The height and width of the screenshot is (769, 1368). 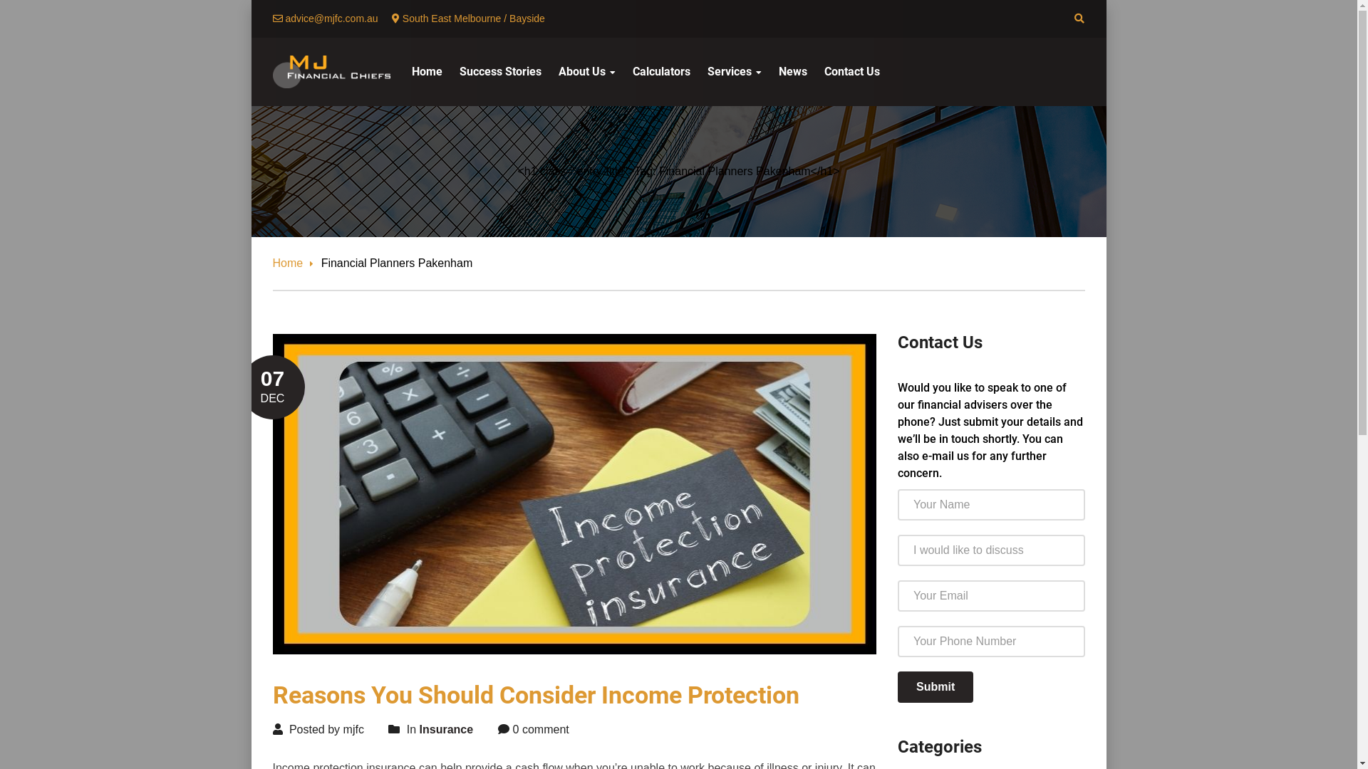 What do you see at coordinates (499, 71) in the screenshot?
I see `'Success Stories'` at bounding box center [499, 71].